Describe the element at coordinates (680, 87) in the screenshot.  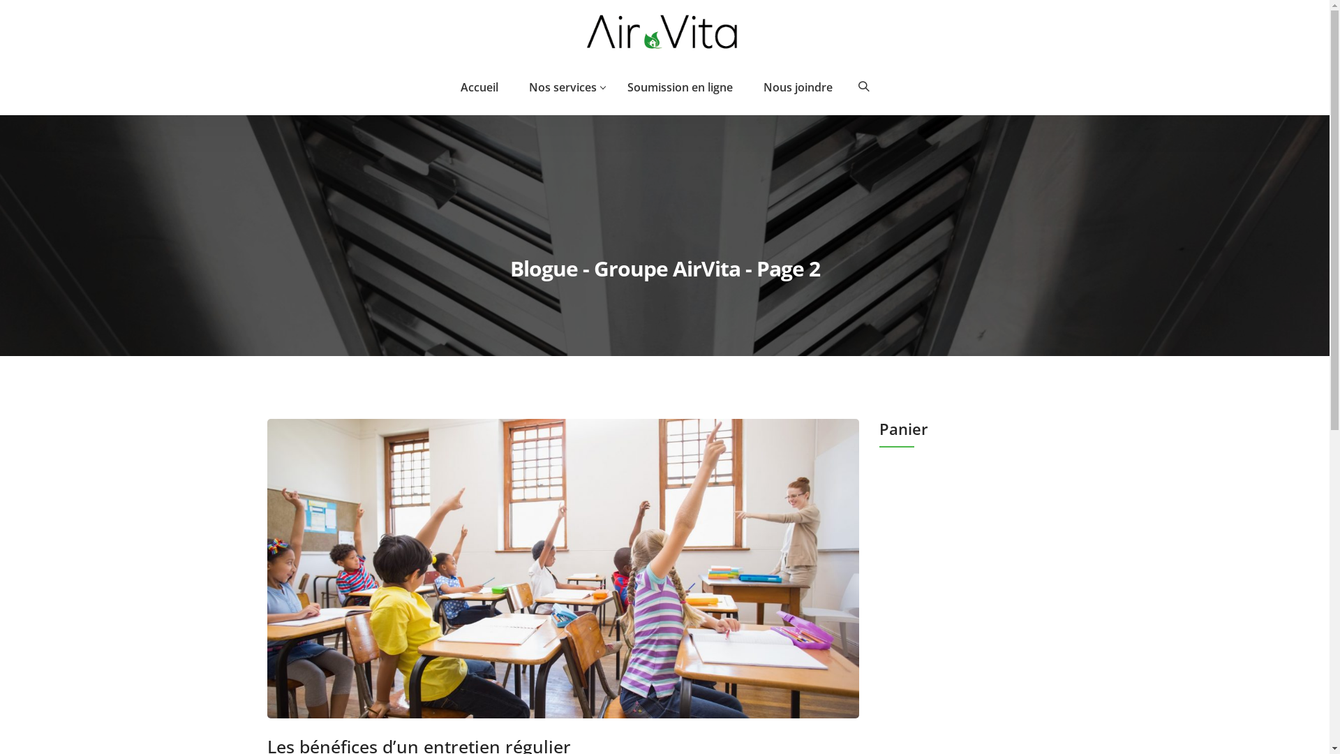
I see `'Soumission en ligne'` at that location.